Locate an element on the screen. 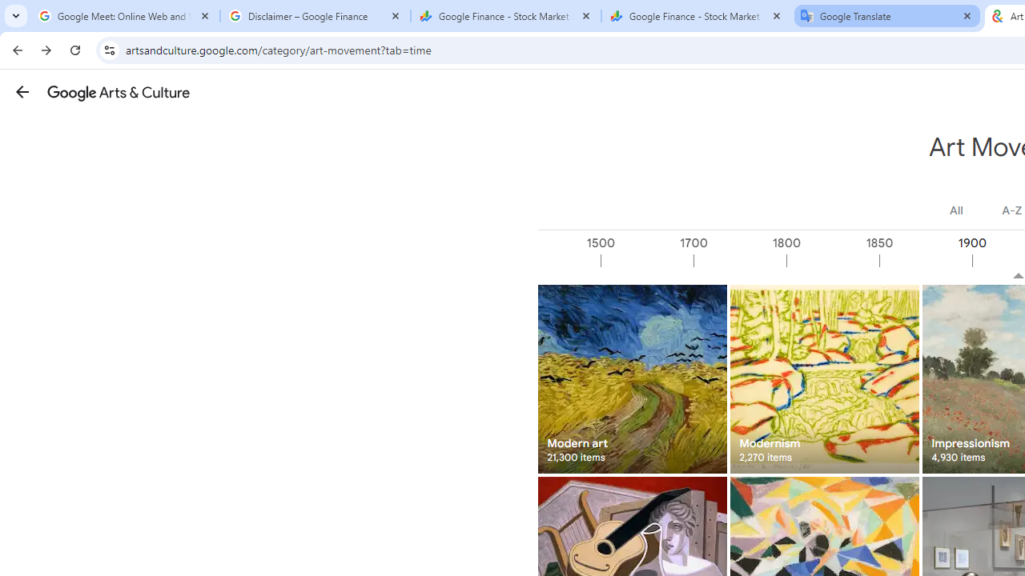 This screenshot has height=576, width=1025. 'Google Translate' is located at coordinates (886, 16).